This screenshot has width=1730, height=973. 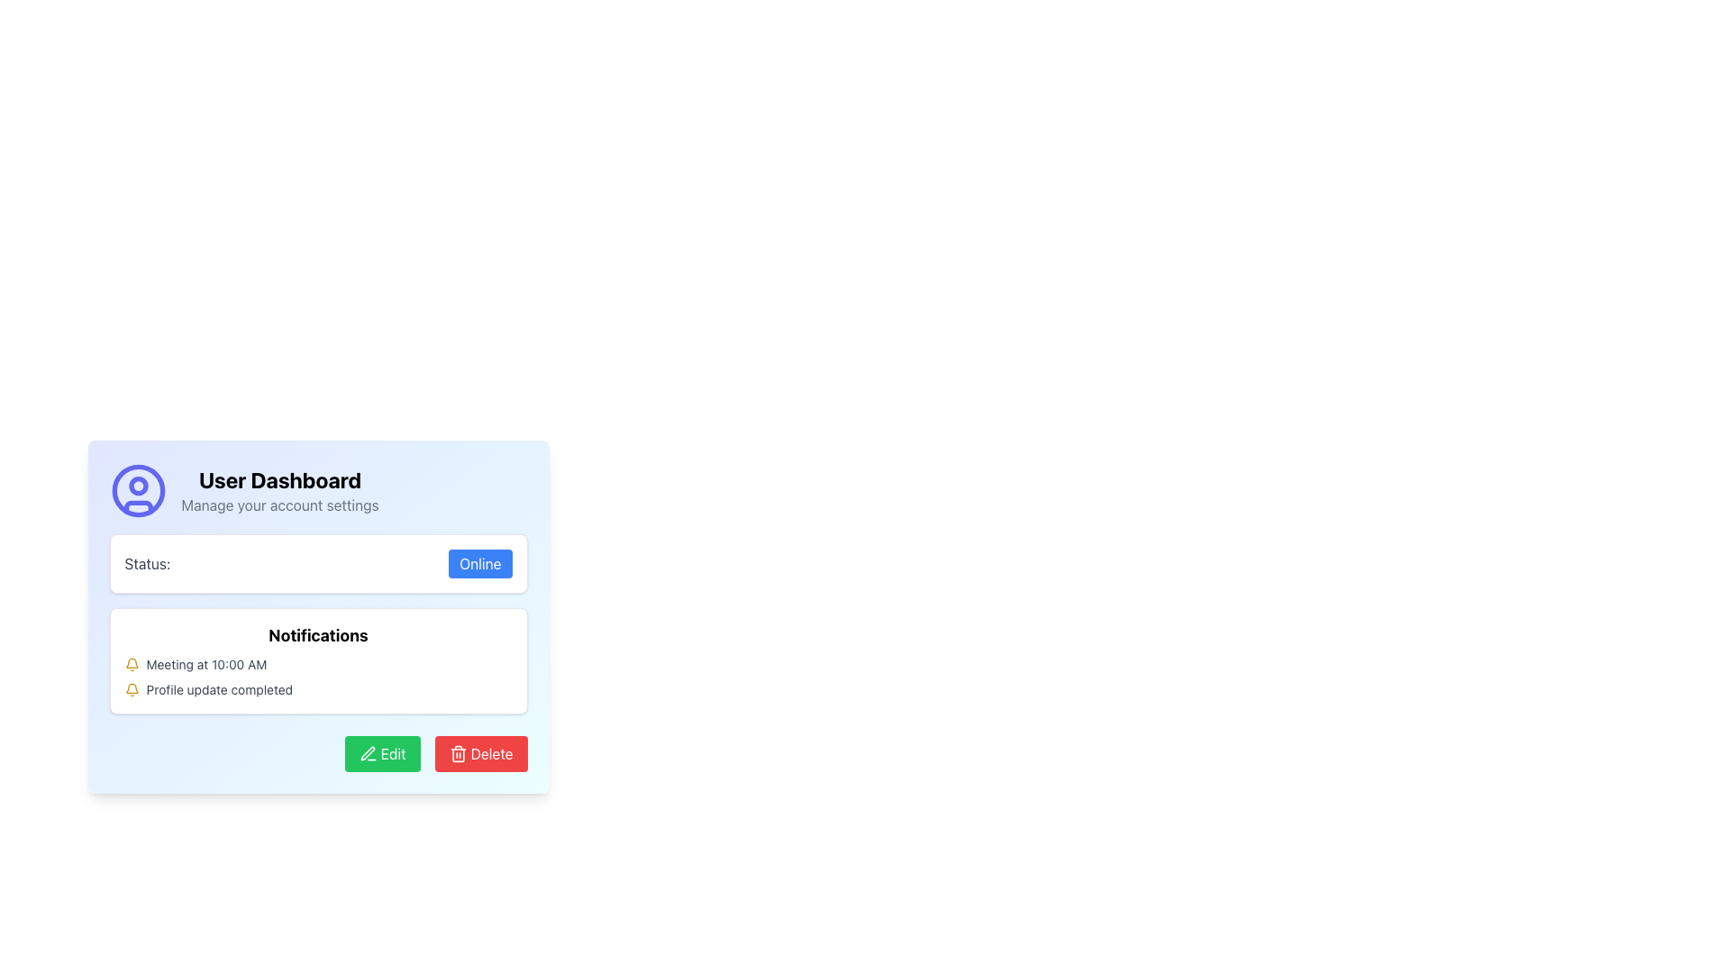 I want to click on stylized icon representation located within the user profile badge at the top-left corner of the dashboard, so click(x=137, y=507).